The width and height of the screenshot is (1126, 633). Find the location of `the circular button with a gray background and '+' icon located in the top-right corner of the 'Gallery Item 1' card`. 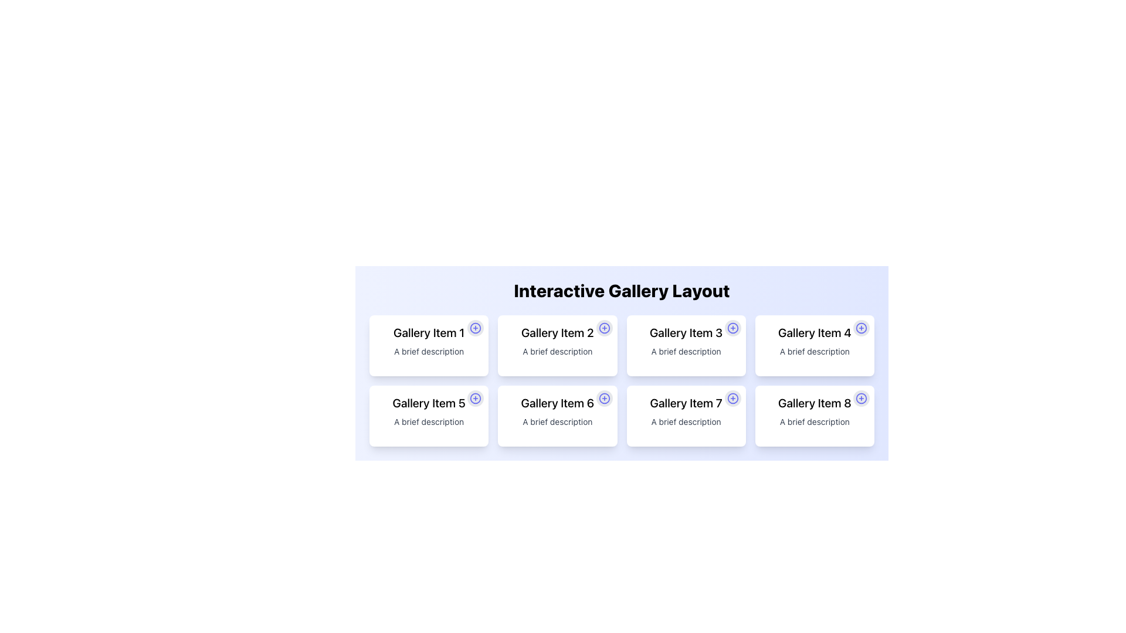

the circular button with a gray background and '+' icon located in the top-right corner of the 'Gallery Item 1' card is located at coordinates (476, 328).